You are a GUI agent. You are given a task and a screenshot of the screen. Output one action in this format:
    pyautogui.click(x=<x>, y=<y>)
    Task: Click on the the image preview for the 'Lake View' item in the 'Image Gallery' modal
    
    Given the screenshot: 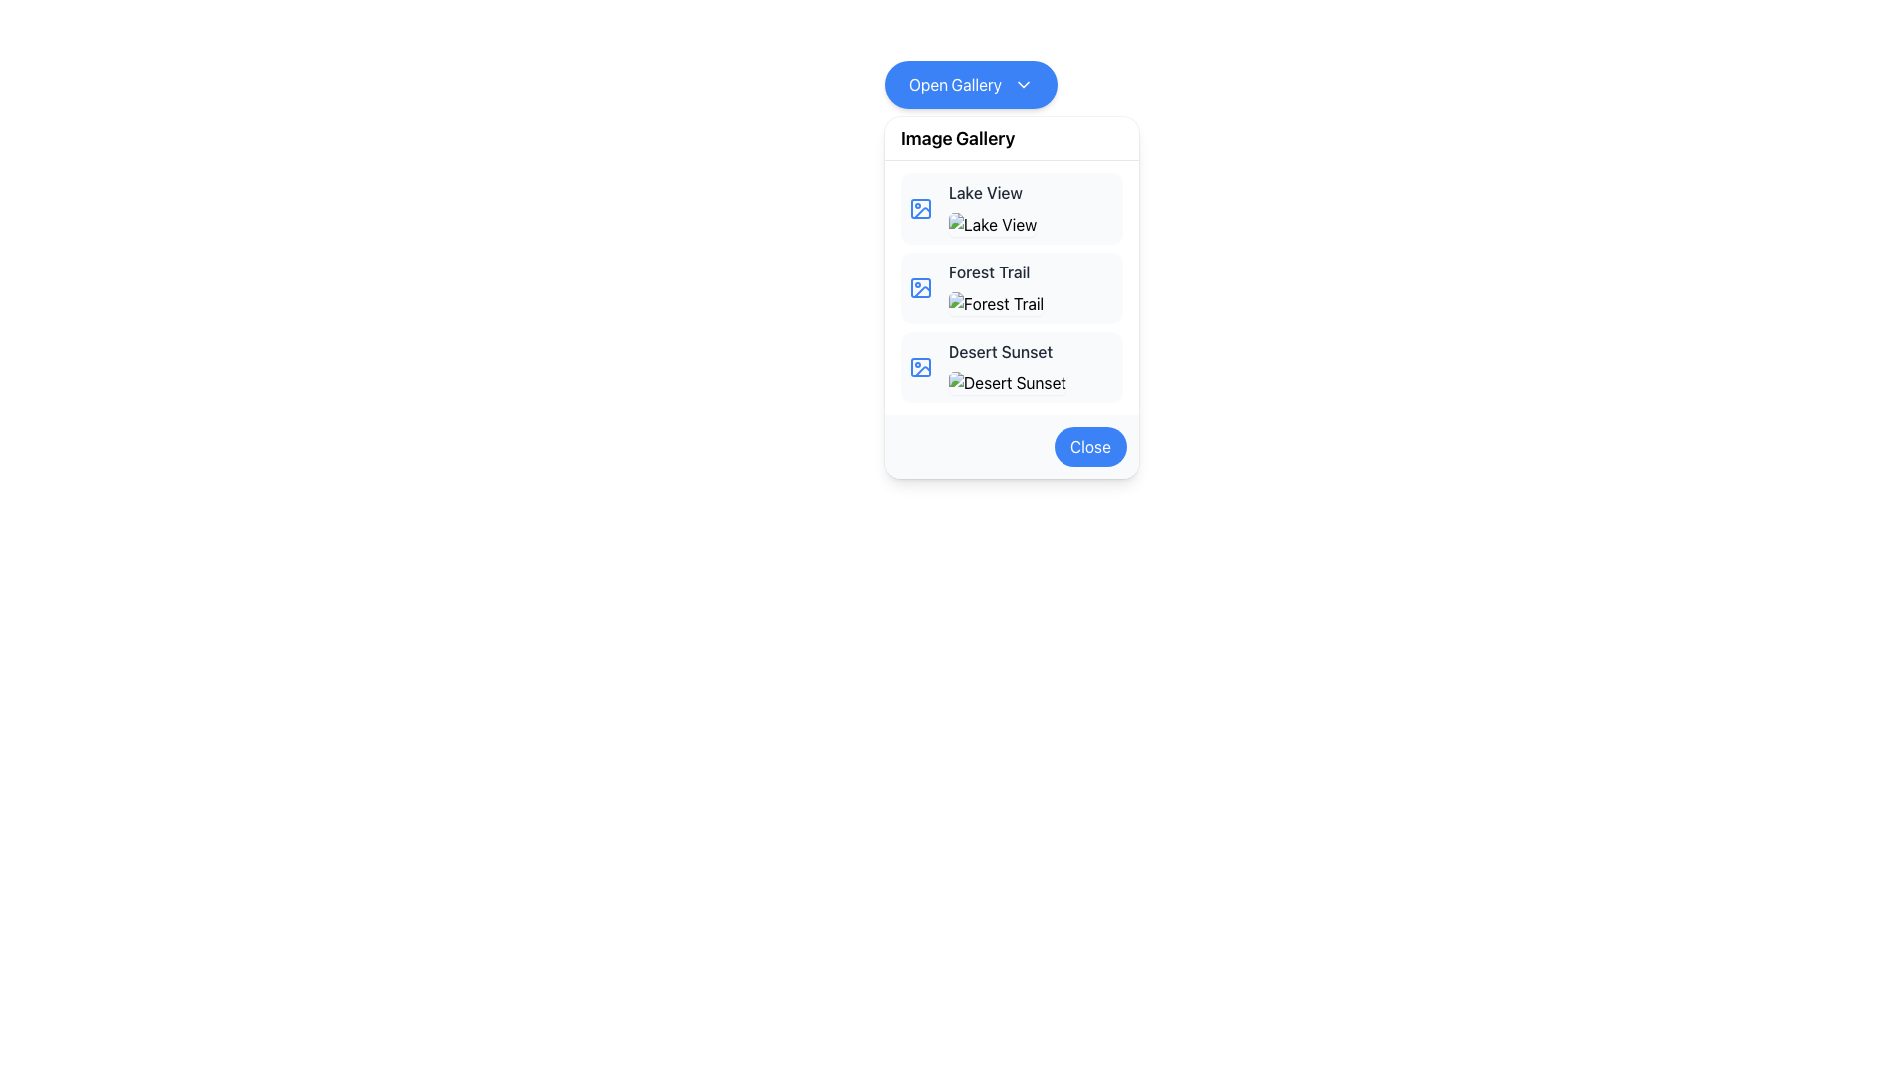 What is the action you would take?
    pyautogui.click(x=992, y=224)
    